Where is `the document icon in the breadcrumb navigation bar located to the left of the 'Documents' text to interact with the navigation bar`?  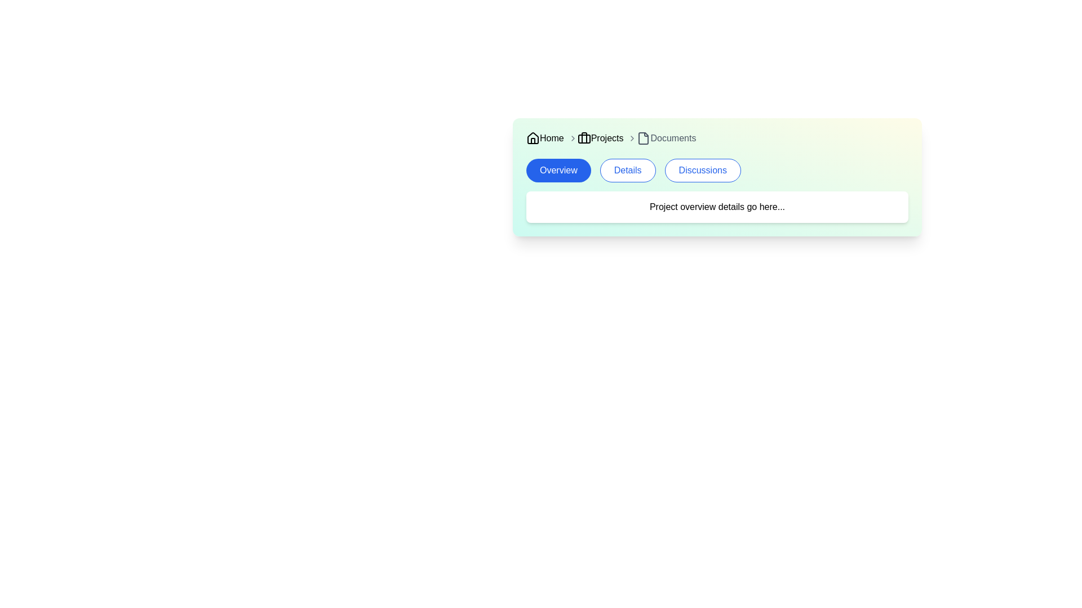
the document icon in the breadcrumb navigation bar located to the left of the 'Documents' text to interact with the navigation bar is located at coordinates (644, 138).